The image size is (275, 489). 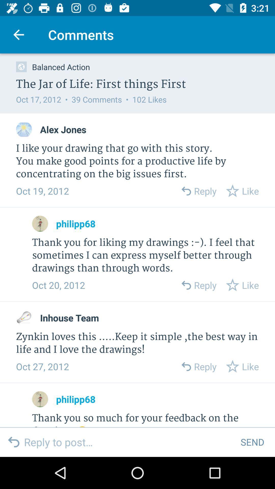 What do you see at coordinates (186, 285) in the screenshot?
I see `previous` at bounding box center [186, 285].